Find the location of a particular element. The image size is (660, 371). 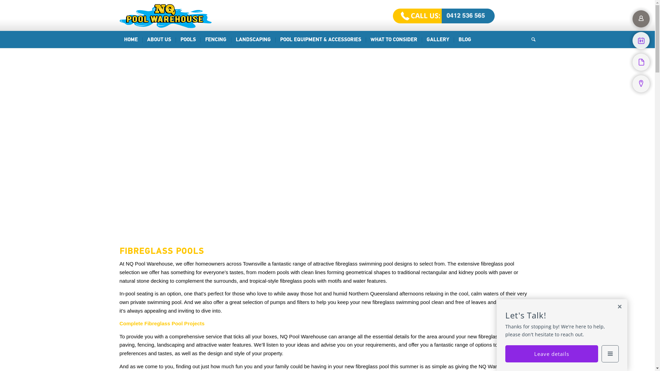

'BLOG' is located at coordinates (465, 40).